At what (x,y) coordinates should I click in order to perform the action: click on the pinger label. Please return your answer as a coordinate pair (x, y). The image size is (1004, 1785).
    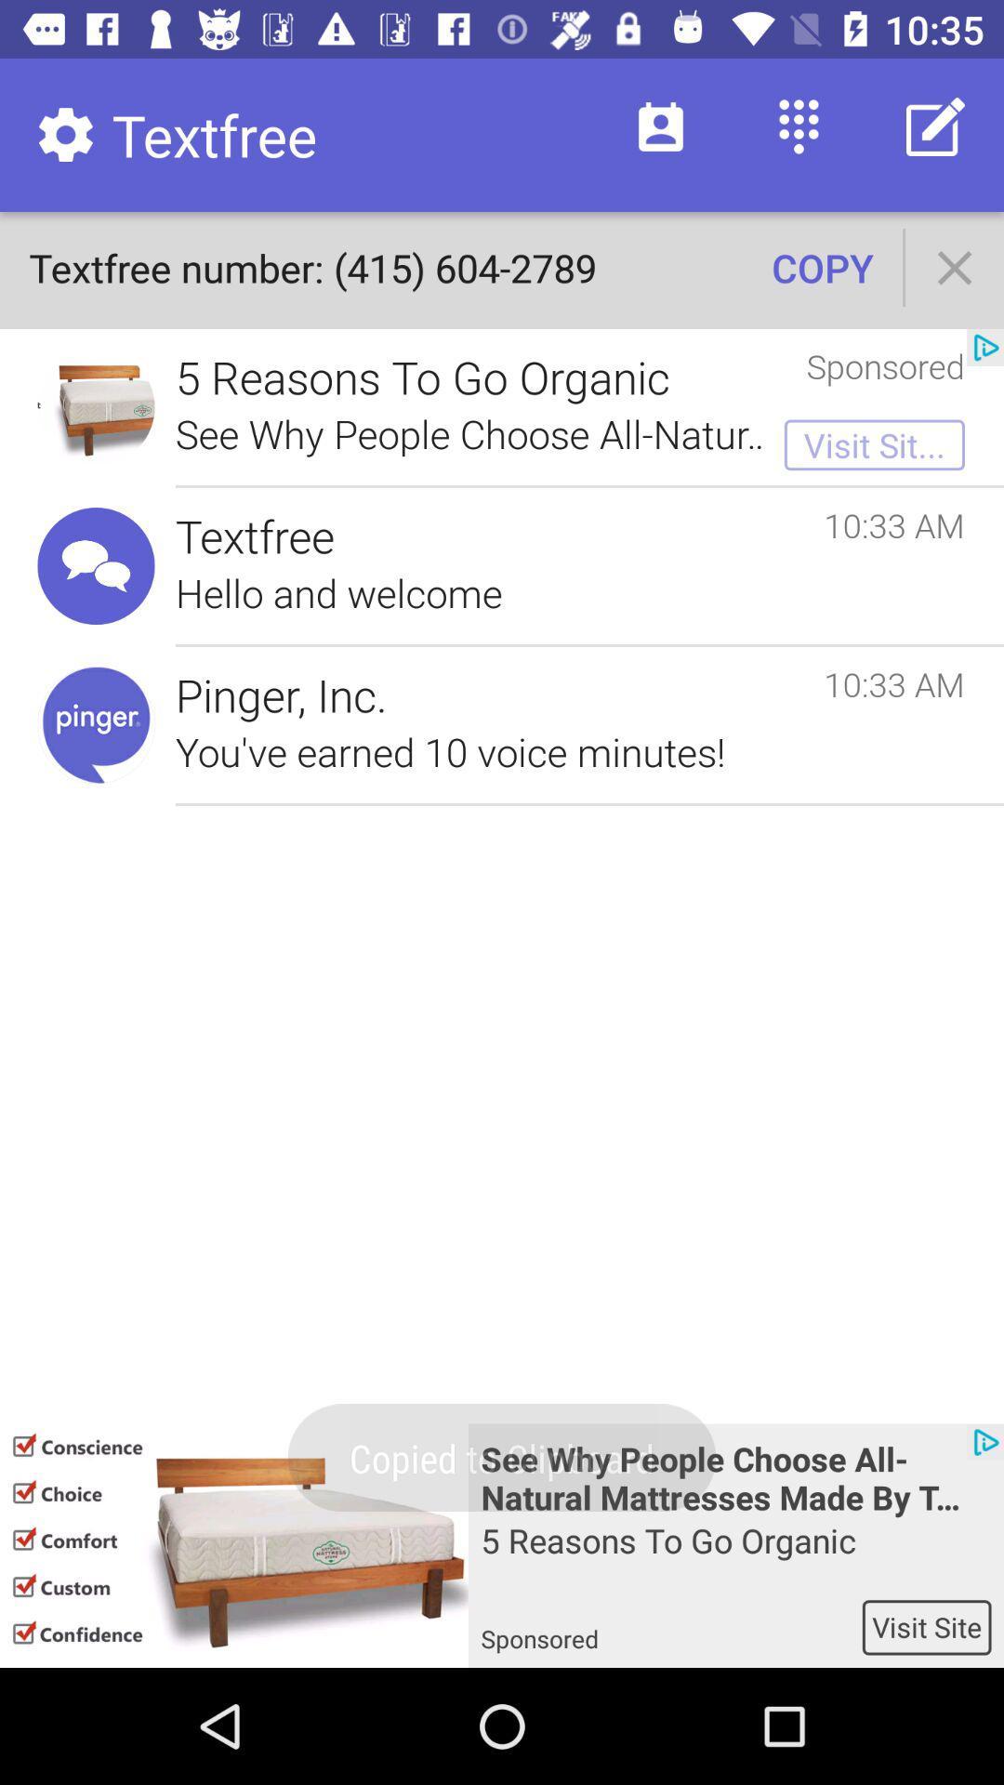
    Looking at the image, I should click on (97, 723).